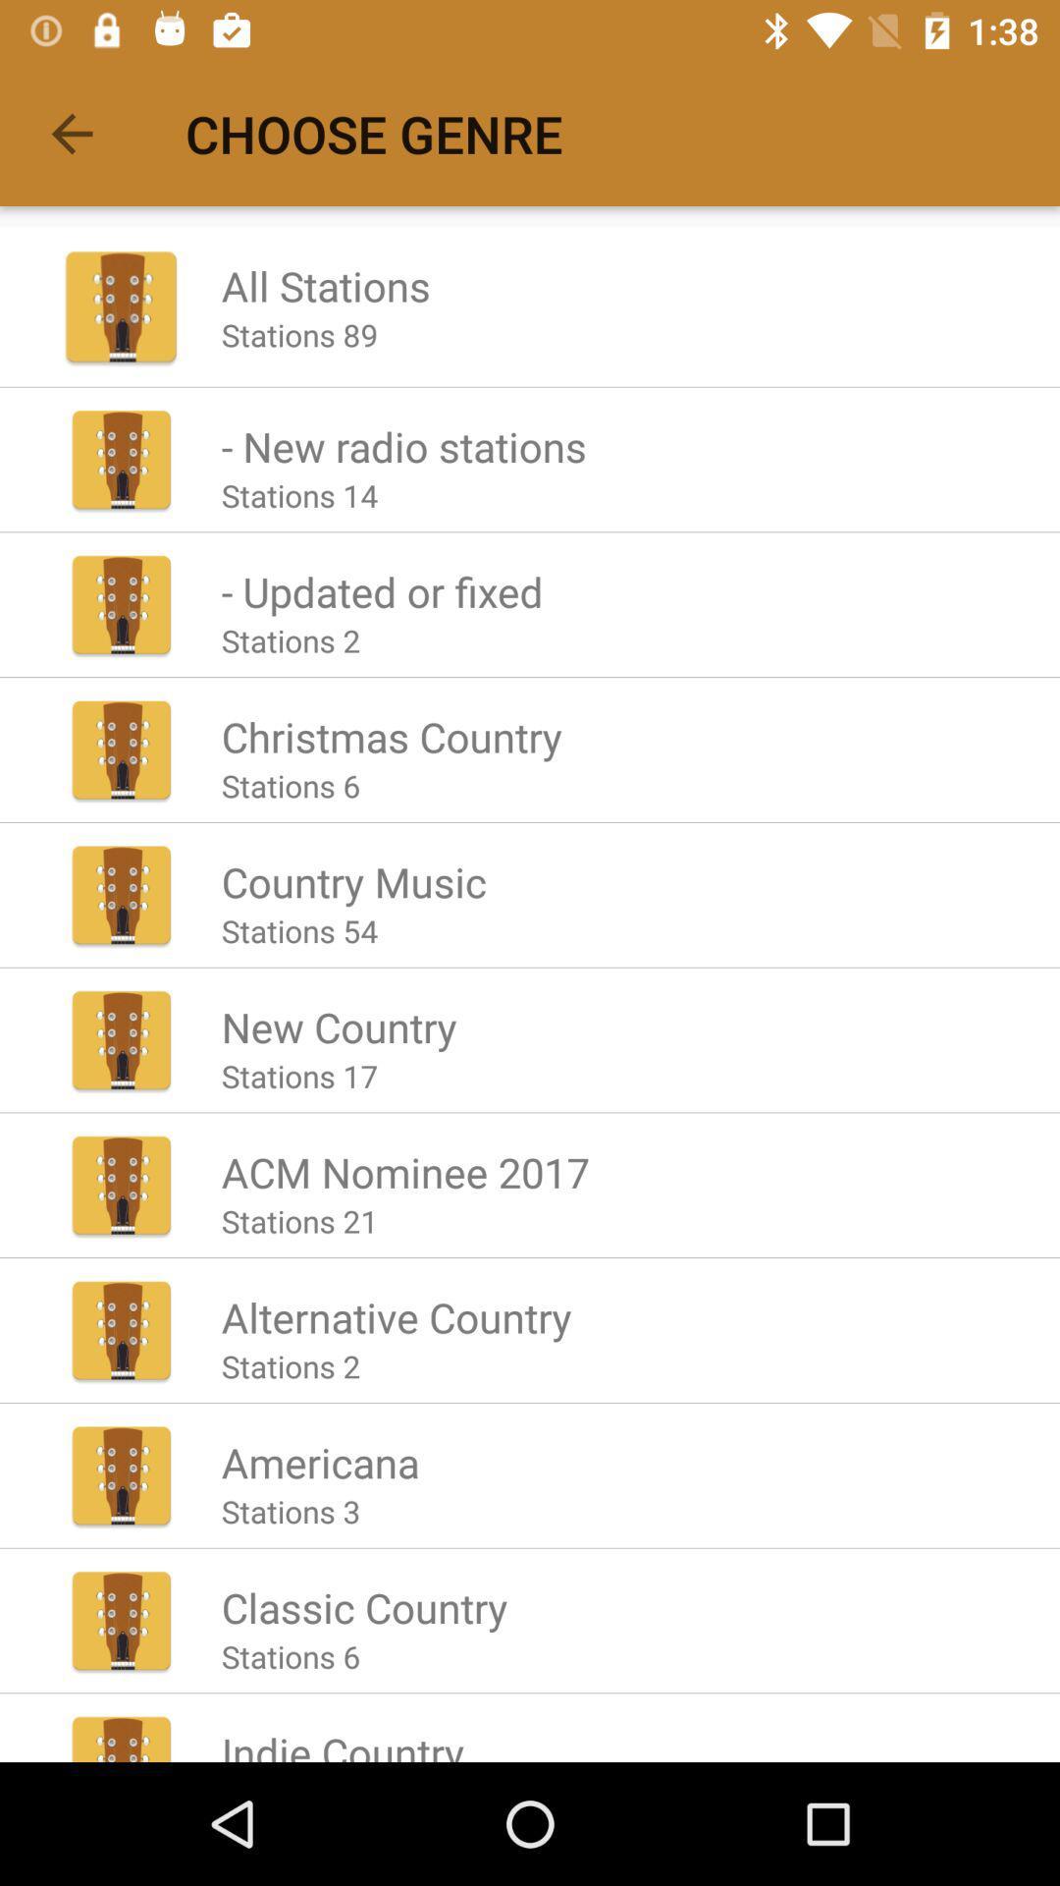 Image resolution: width=1060 pixels, height=1886 pixels. What do you see at coordinates (71, 133) in the screenshot?
I see `icon next to the choose genre` at bounding box center [71, 133].